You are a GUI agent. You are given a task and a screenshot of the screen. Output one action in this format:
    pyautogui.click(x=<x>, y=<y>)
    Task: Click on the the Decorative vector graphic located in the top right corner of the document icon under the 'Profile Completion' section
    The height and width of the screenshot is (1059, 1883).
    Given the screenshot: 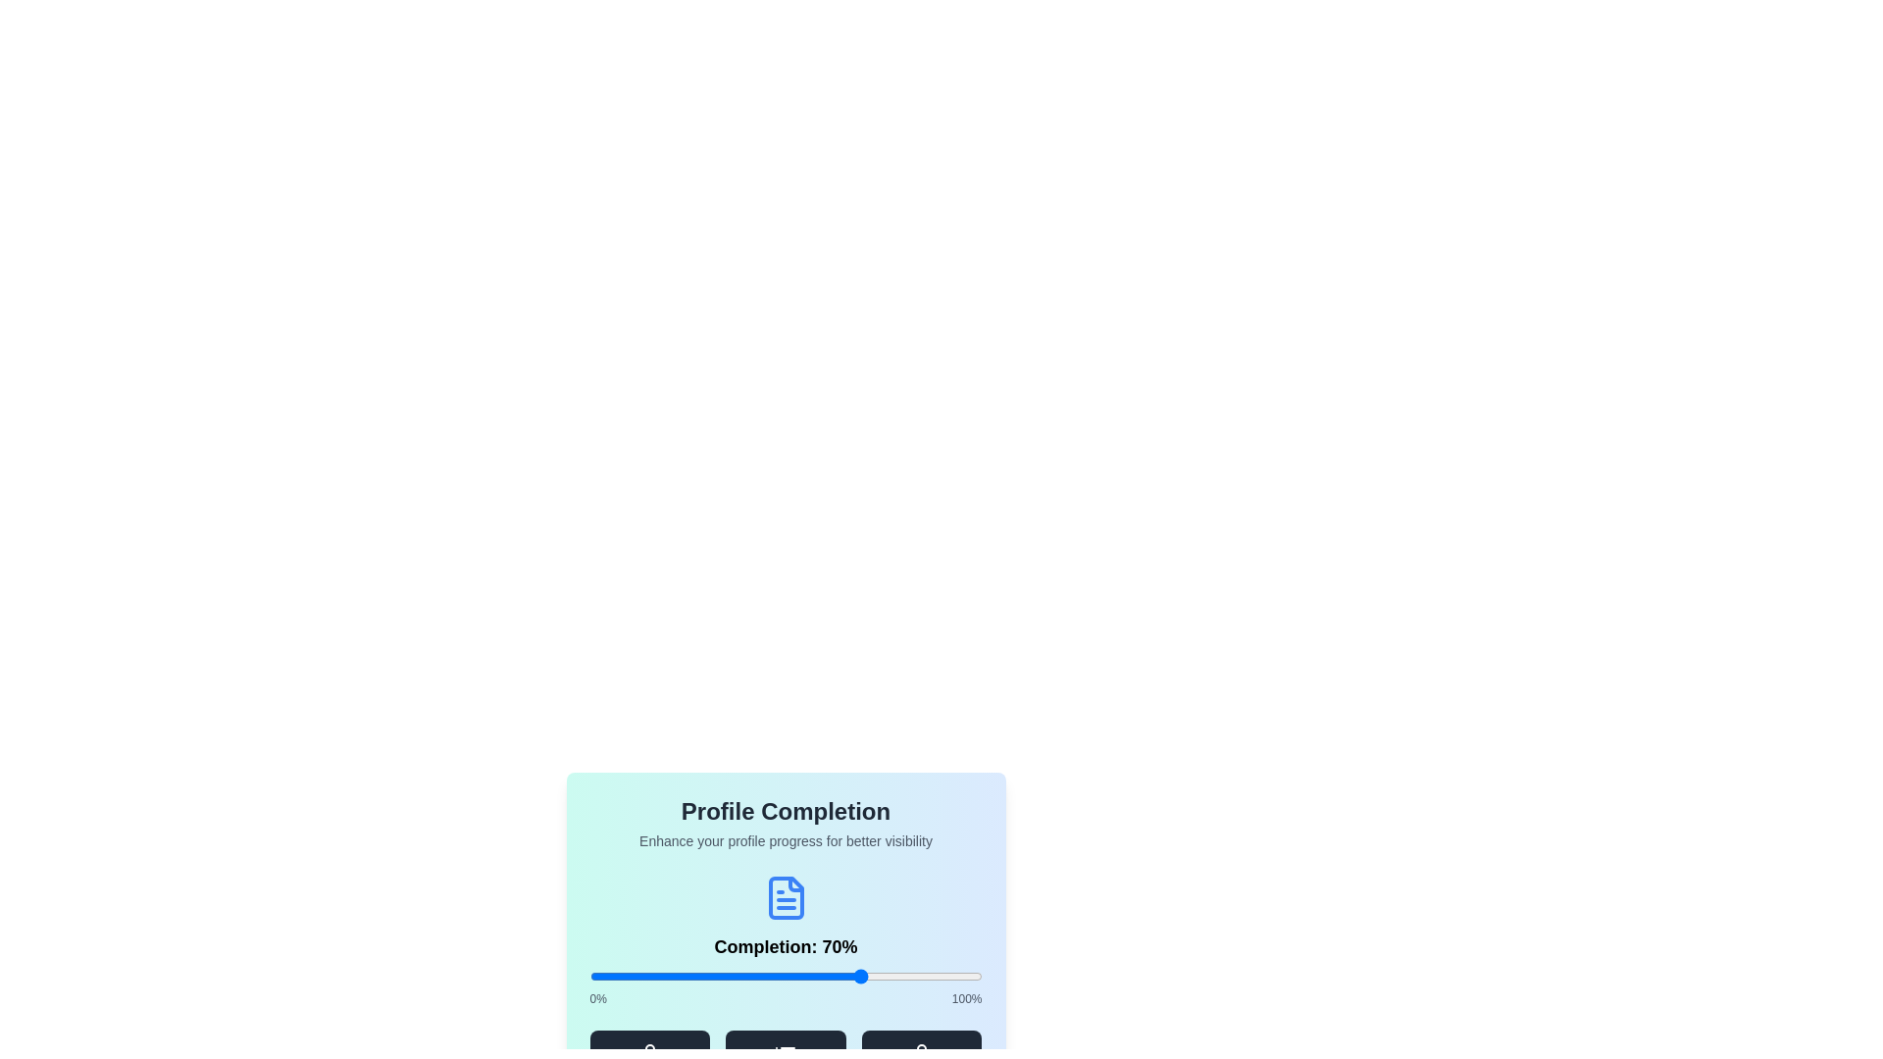 What is the action you would take?
    pyautogui.click(x=795, y=884)
    